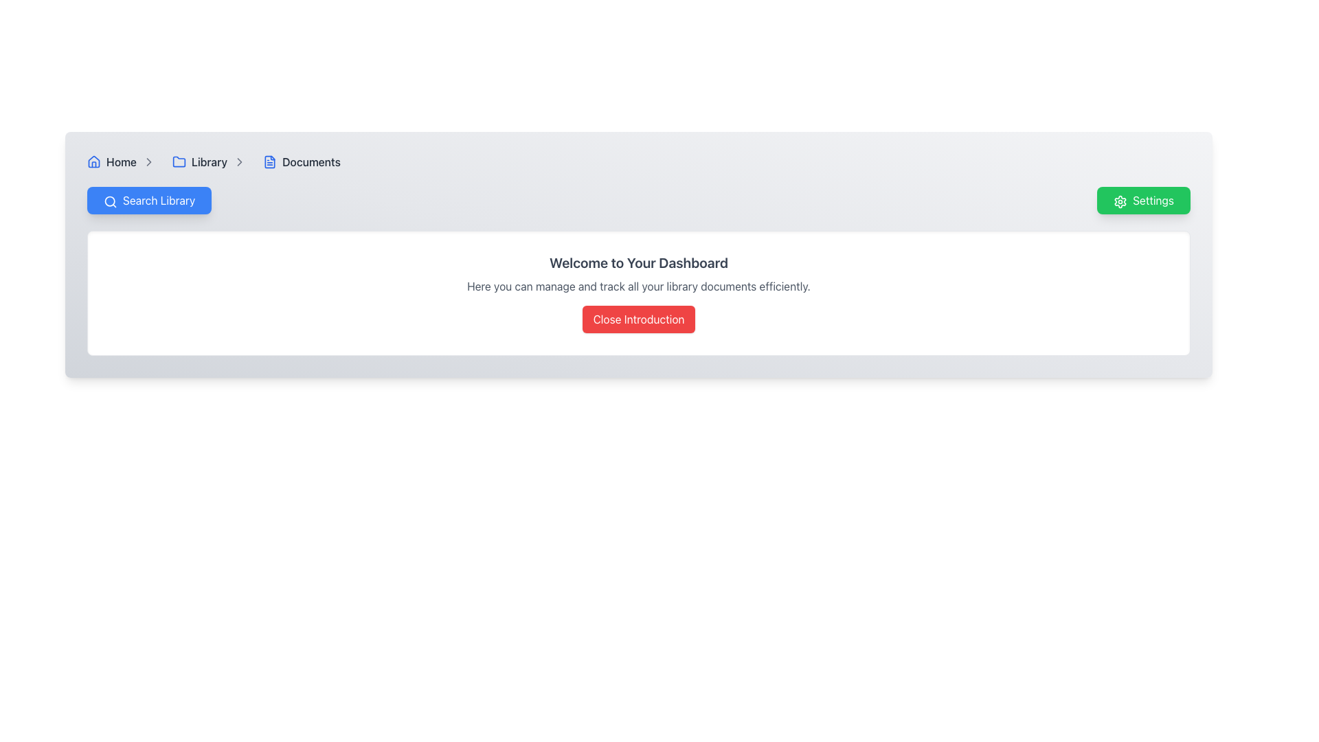  I want to click on the folder icon with a blue outline located next to the text 'Library', so click(178, 161).